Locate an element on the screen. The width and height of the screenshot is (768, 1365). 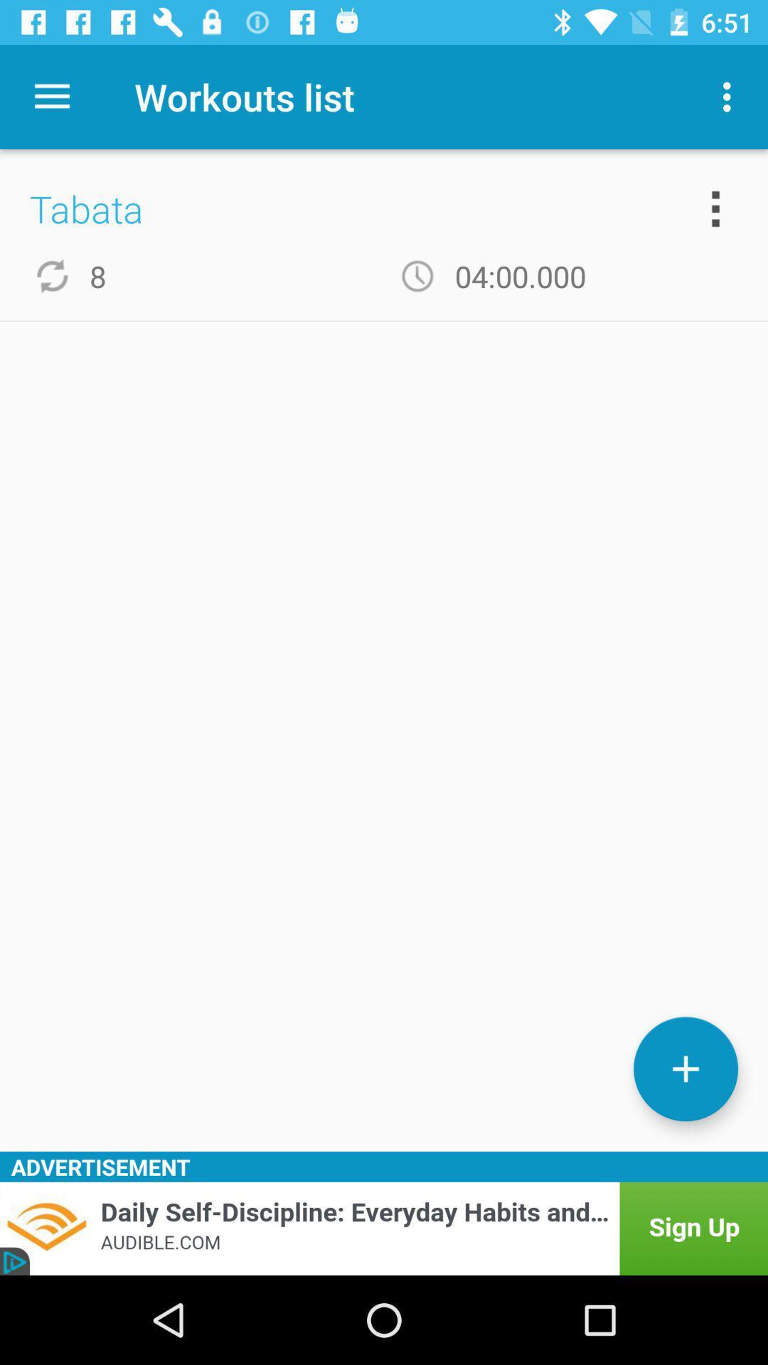
new workout is located at coordinates (685, 1069).